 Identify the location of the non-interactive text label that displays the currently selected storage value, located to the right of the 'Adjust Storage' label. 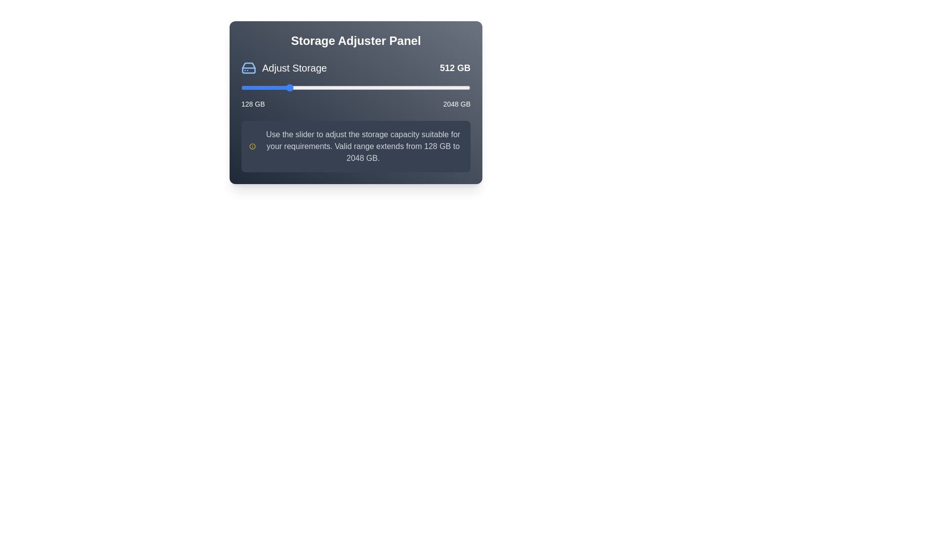
(454, 68).